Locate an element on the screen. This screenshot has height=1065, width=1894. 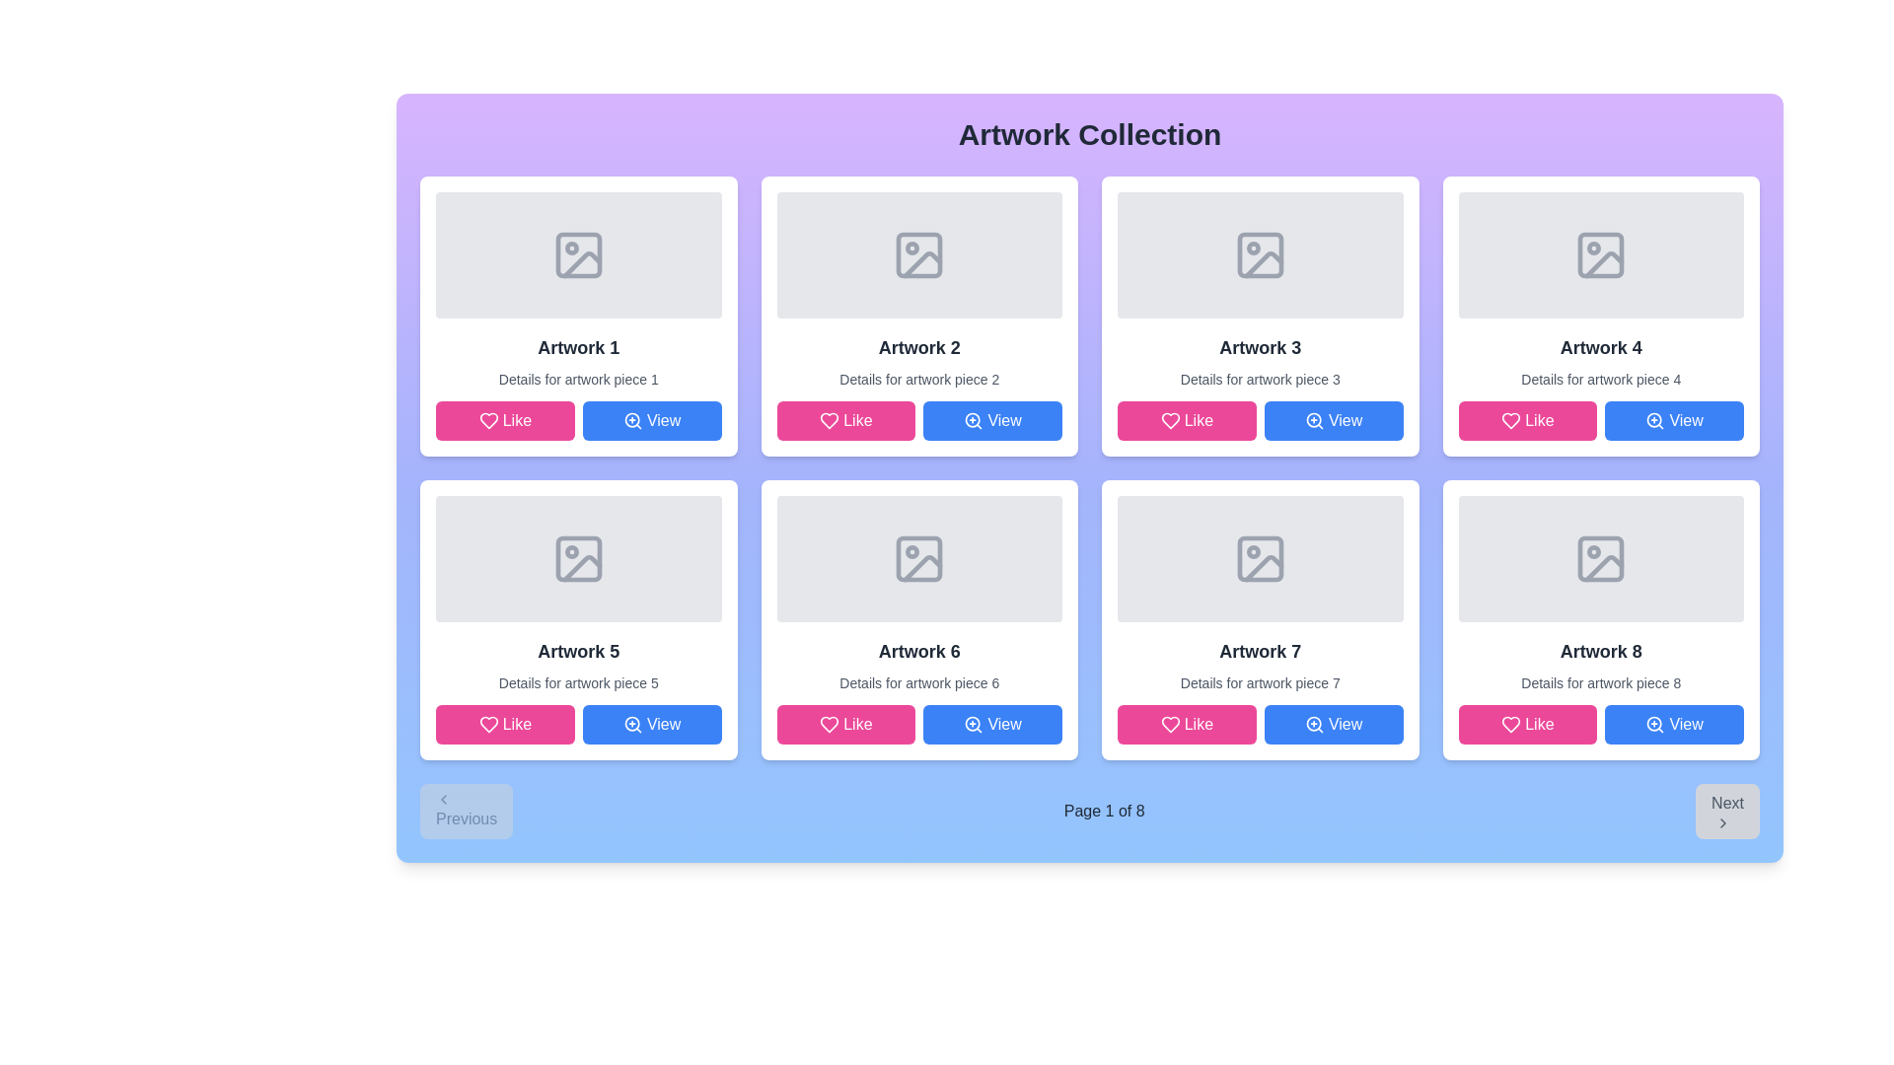
the heart-shaped icon within the 'Like' button to trigger the tooltip display is located at coordinates (488, 725).